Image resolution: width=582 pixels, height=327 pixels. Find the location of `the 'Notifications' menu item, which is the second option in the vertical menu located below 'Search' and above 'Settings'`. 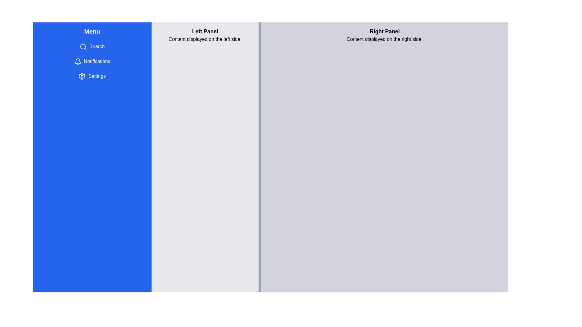

the 'Notifications' menu item, which is the second option in the vertical menu located below 'Search' and above 'Settings' is located at coordinates (92, 61).